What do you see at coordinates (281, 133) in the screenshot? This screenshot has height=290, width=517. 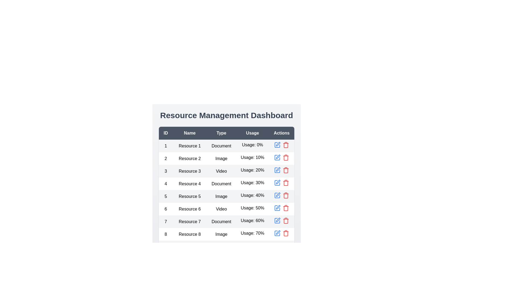 I see `the Actions header to sort the table by that column` at bounding box center [281, 133].